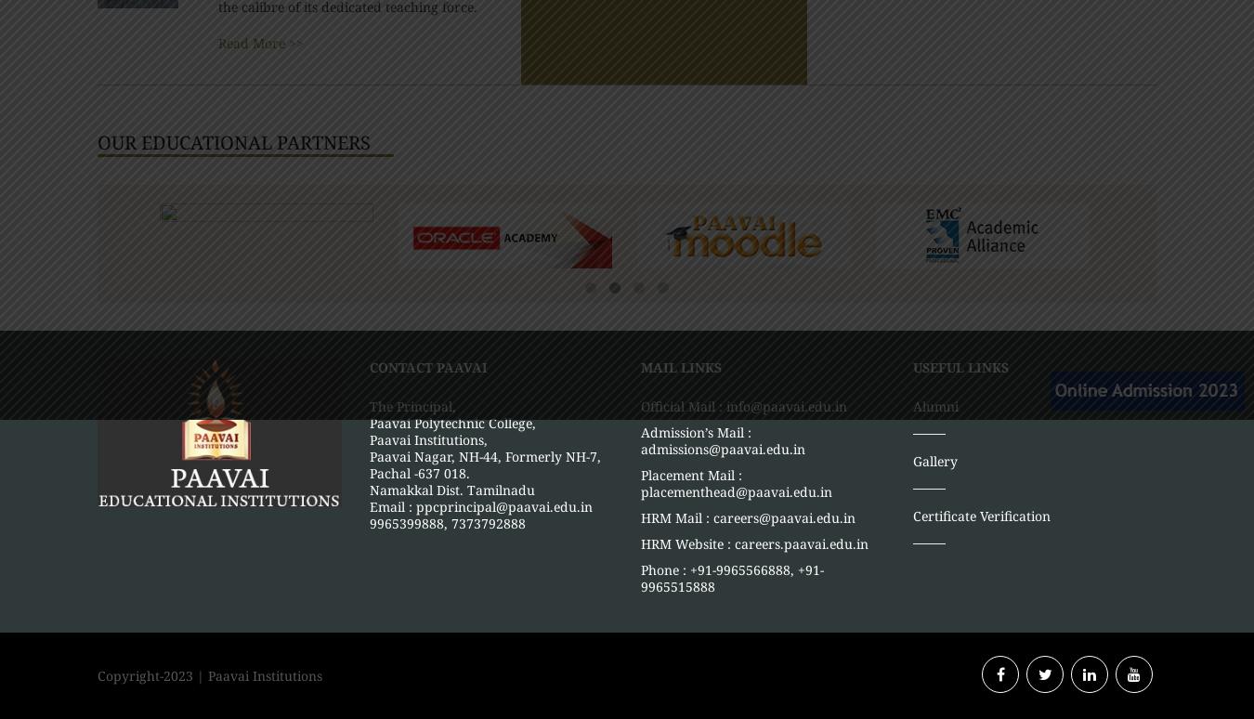  Describe the element at coordinates (1004, 122) in the screenshot. I see `'WEBMINAR ON “FOOD HABITS & ITS IMPACT ON LIFESTYLE DISEASES” WAS HELD ON 25.05.2019'` at that location.